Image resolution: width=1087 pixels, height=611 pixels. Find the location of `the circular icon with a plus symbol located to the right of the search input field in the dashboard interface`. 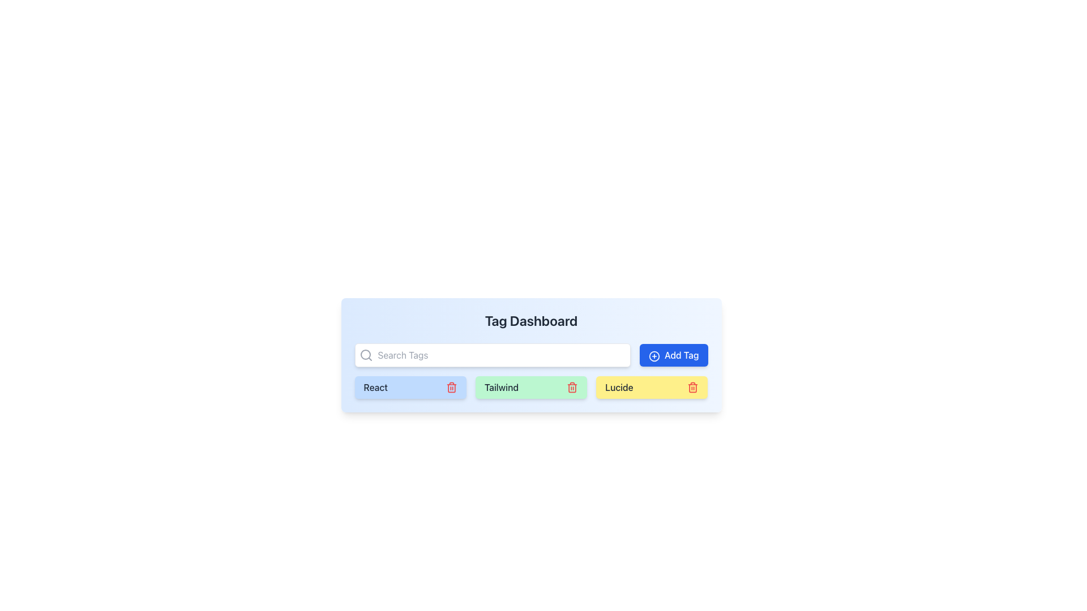

the circular icon with a plus symbol located to the right of the search input field in the dashboard interface is located at coordinates (654, 355).